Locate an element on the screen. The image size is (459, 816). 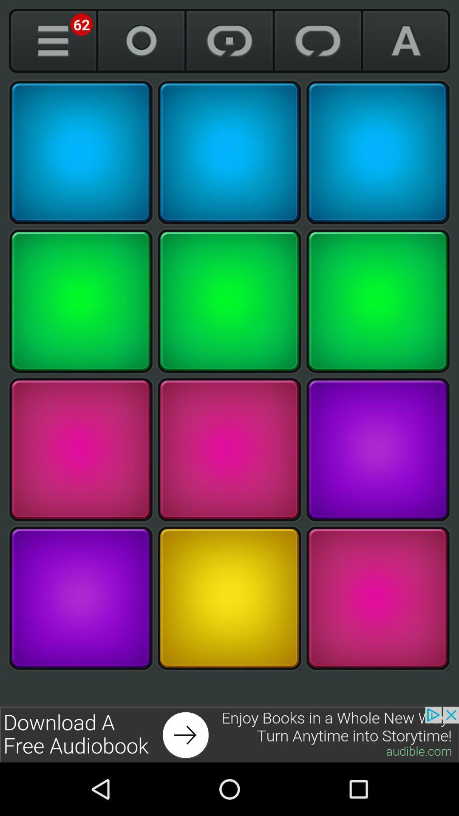
open game options is located at coordinates (53, 40).